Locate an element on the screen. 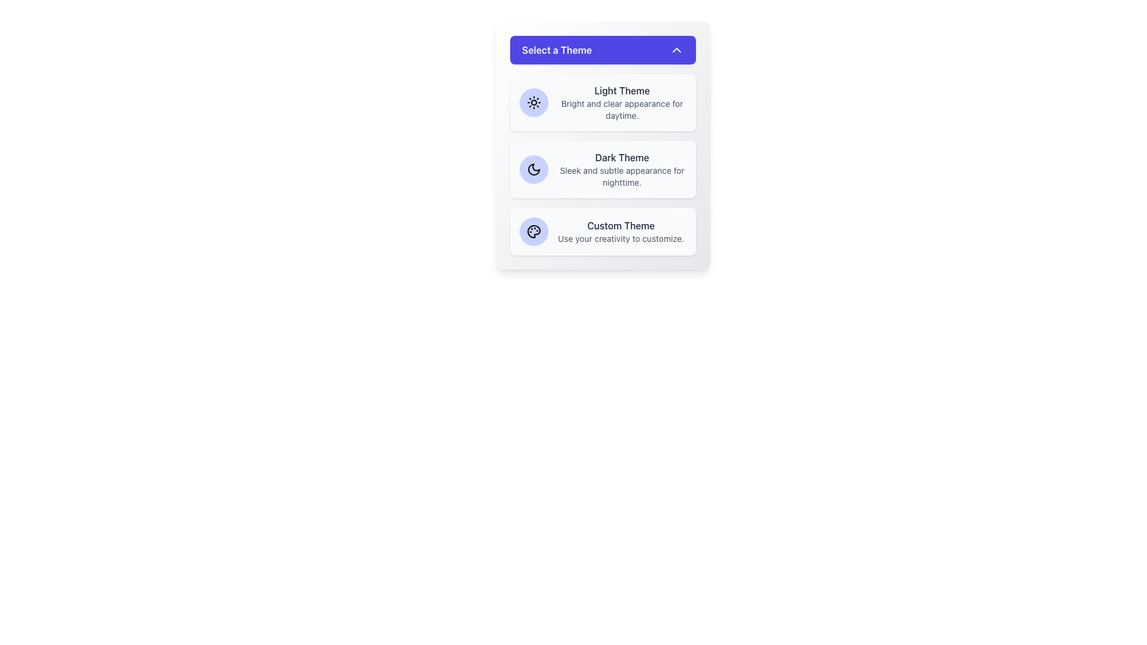 The image size is (1147, 645). the decorative icon representing the 'Dark Theme' option, located to the left of the text 'Dark Theme' in the three-option list is located at coordinates (533, 170).